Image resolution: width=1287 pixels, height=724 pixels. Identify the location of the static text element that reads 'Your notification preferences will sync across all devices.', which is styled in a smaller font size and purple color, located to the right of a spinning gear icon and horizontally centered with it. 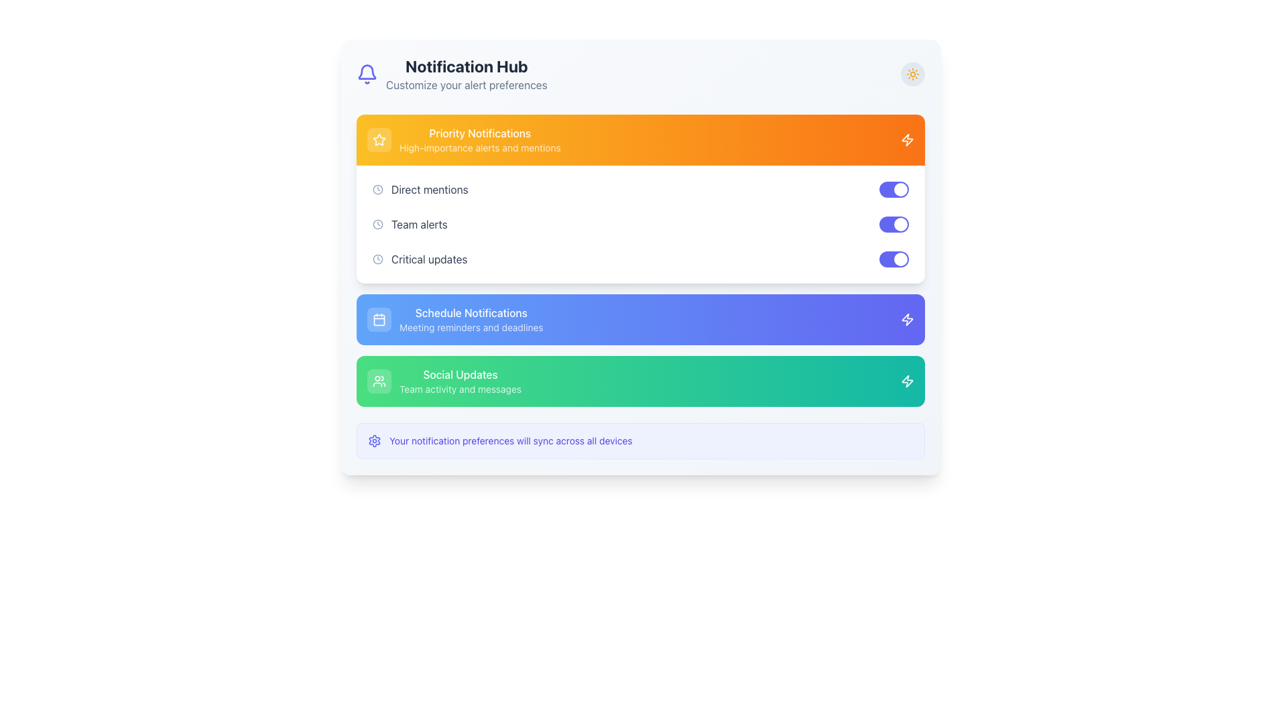
(510, 441).